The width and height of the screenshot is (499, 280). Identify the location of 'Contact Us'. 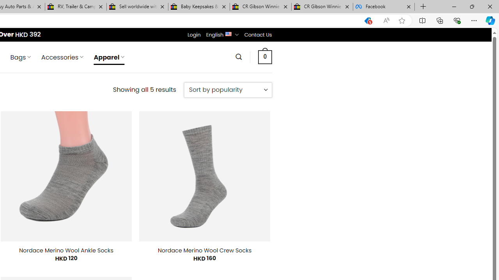
(258, 34).